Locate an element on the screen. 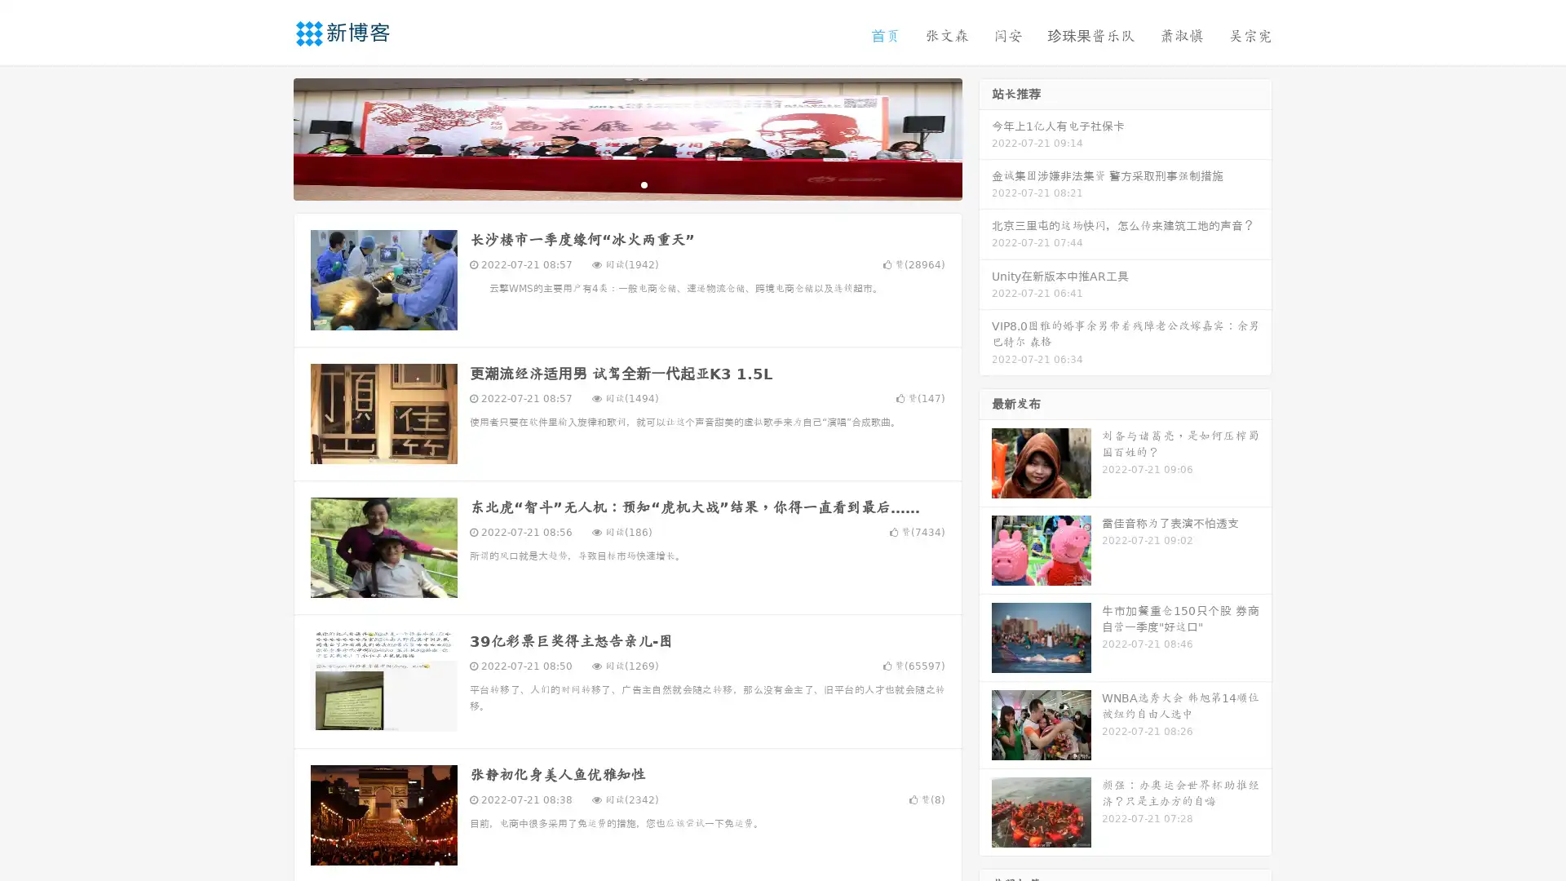 This screenshot has width=1566, height=881. Go to slide 1 is located at coordinates (610, 184).